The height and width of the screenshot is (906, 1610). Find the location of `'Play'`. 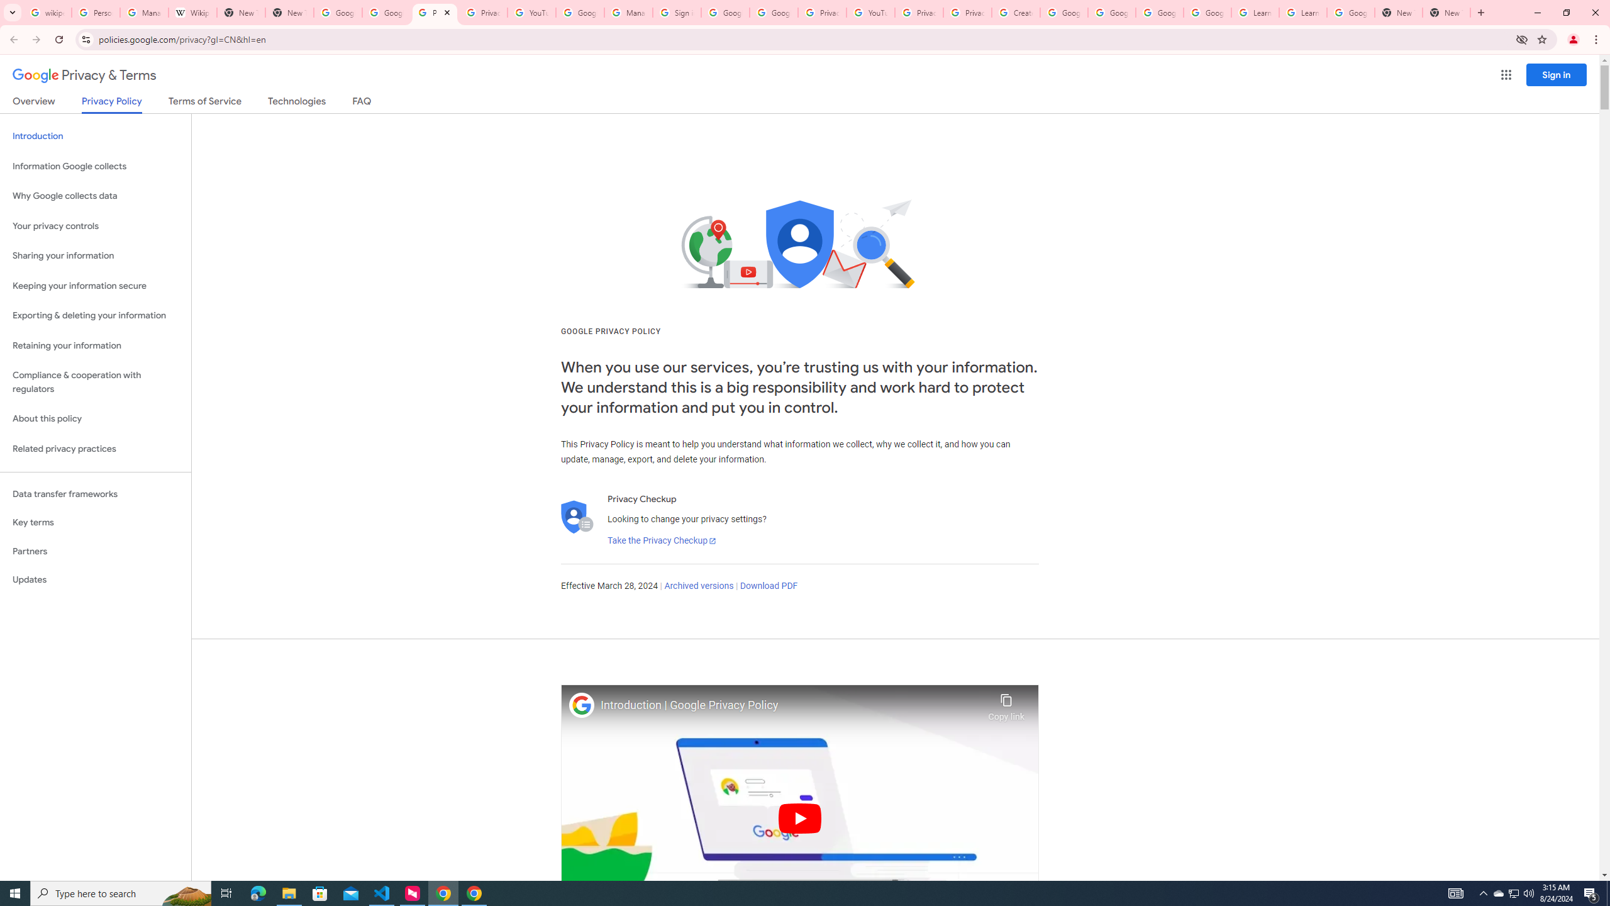

'Play' is located at coordinates (799, 817).